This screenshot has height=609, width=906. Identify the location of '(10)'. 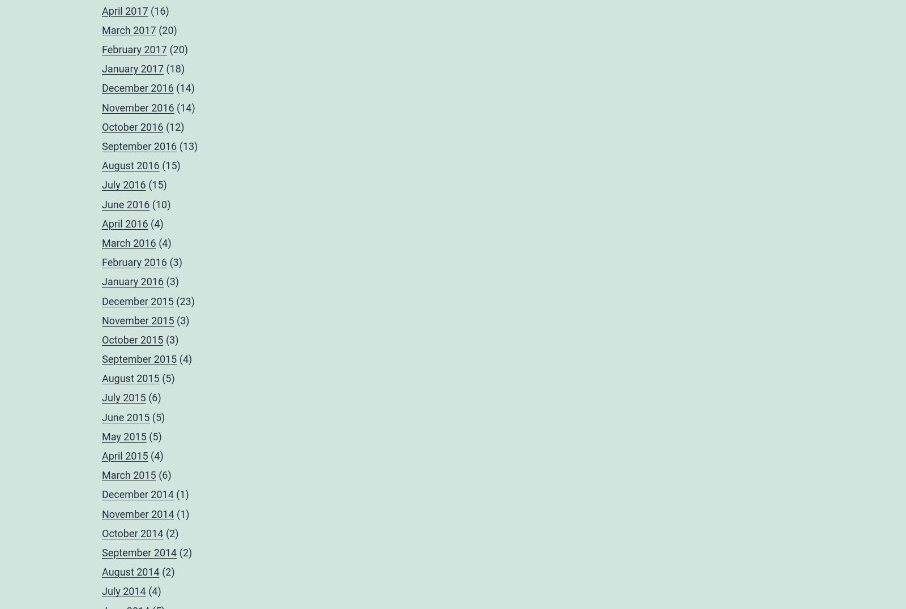
(160, 203).